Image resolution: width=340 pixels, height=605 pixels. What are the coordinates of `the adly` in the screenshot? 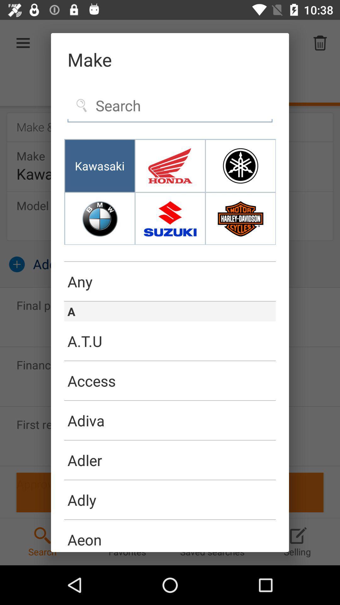 It's located at (170, 500).